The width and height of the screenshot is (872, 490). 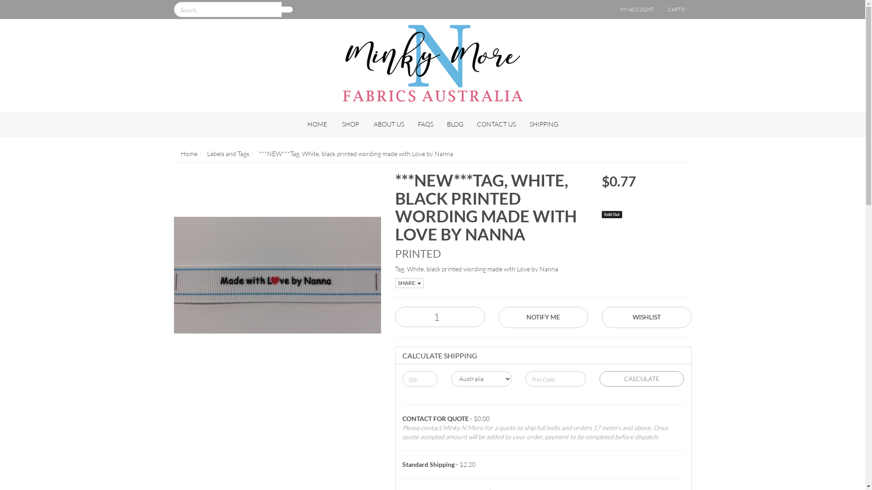 I want to click on 'BLOG', so click(x=455, y=124).